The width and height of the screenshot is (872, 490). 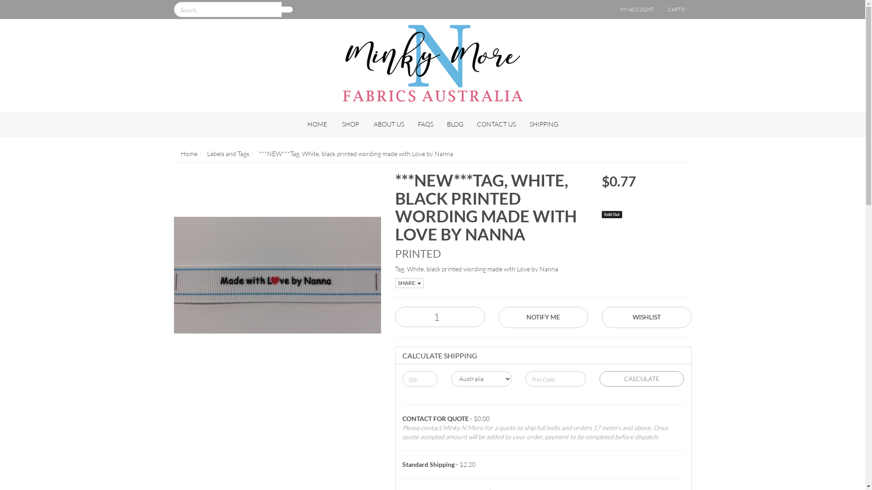 I want to click on 'BLOG', so click(x=455, y=124).